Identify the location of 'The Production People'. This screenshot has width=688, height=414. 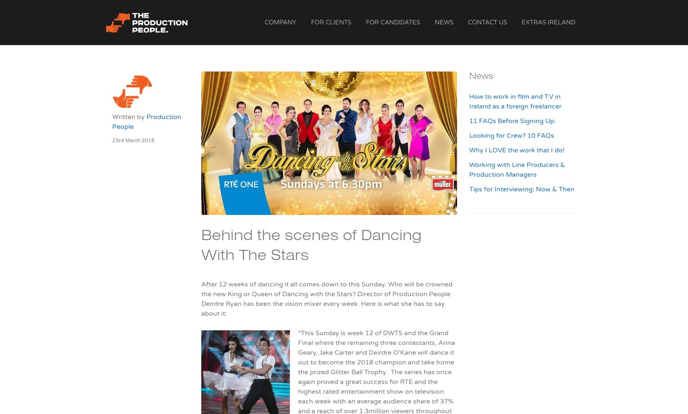
(290, 21).